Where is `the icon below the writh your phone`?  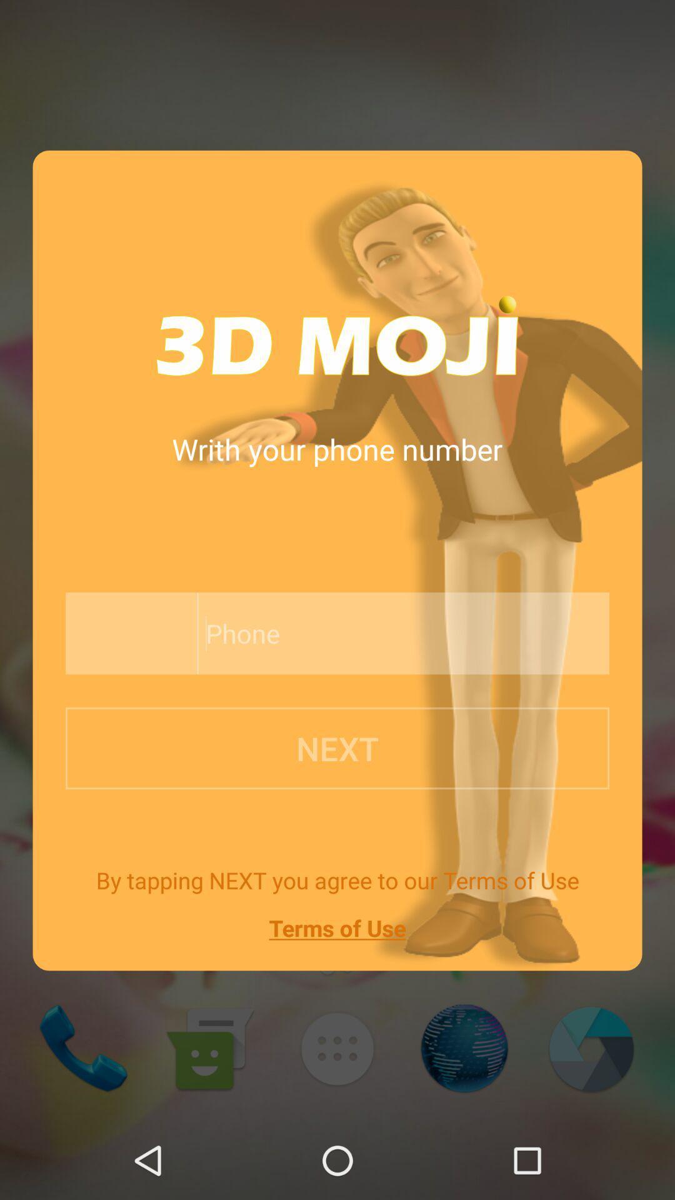
the icon below the writh your phone is located at coordinates (374, 633).